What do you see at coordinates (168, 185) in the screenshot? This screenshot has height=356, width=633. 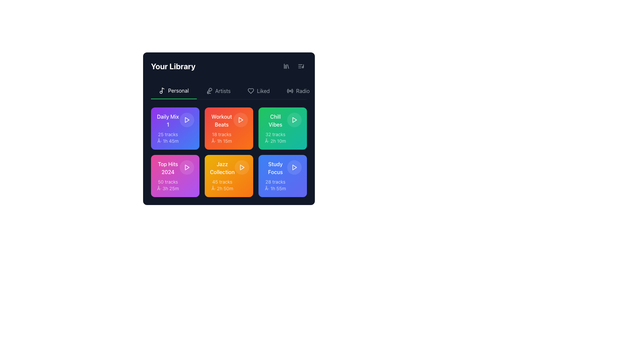 I see `the text label displaying '50 tracks Â· 3h 25m' which is located below the 'Top Hits 2024' title in the pink-purple gradient tile` at bounding box center [168, 185].